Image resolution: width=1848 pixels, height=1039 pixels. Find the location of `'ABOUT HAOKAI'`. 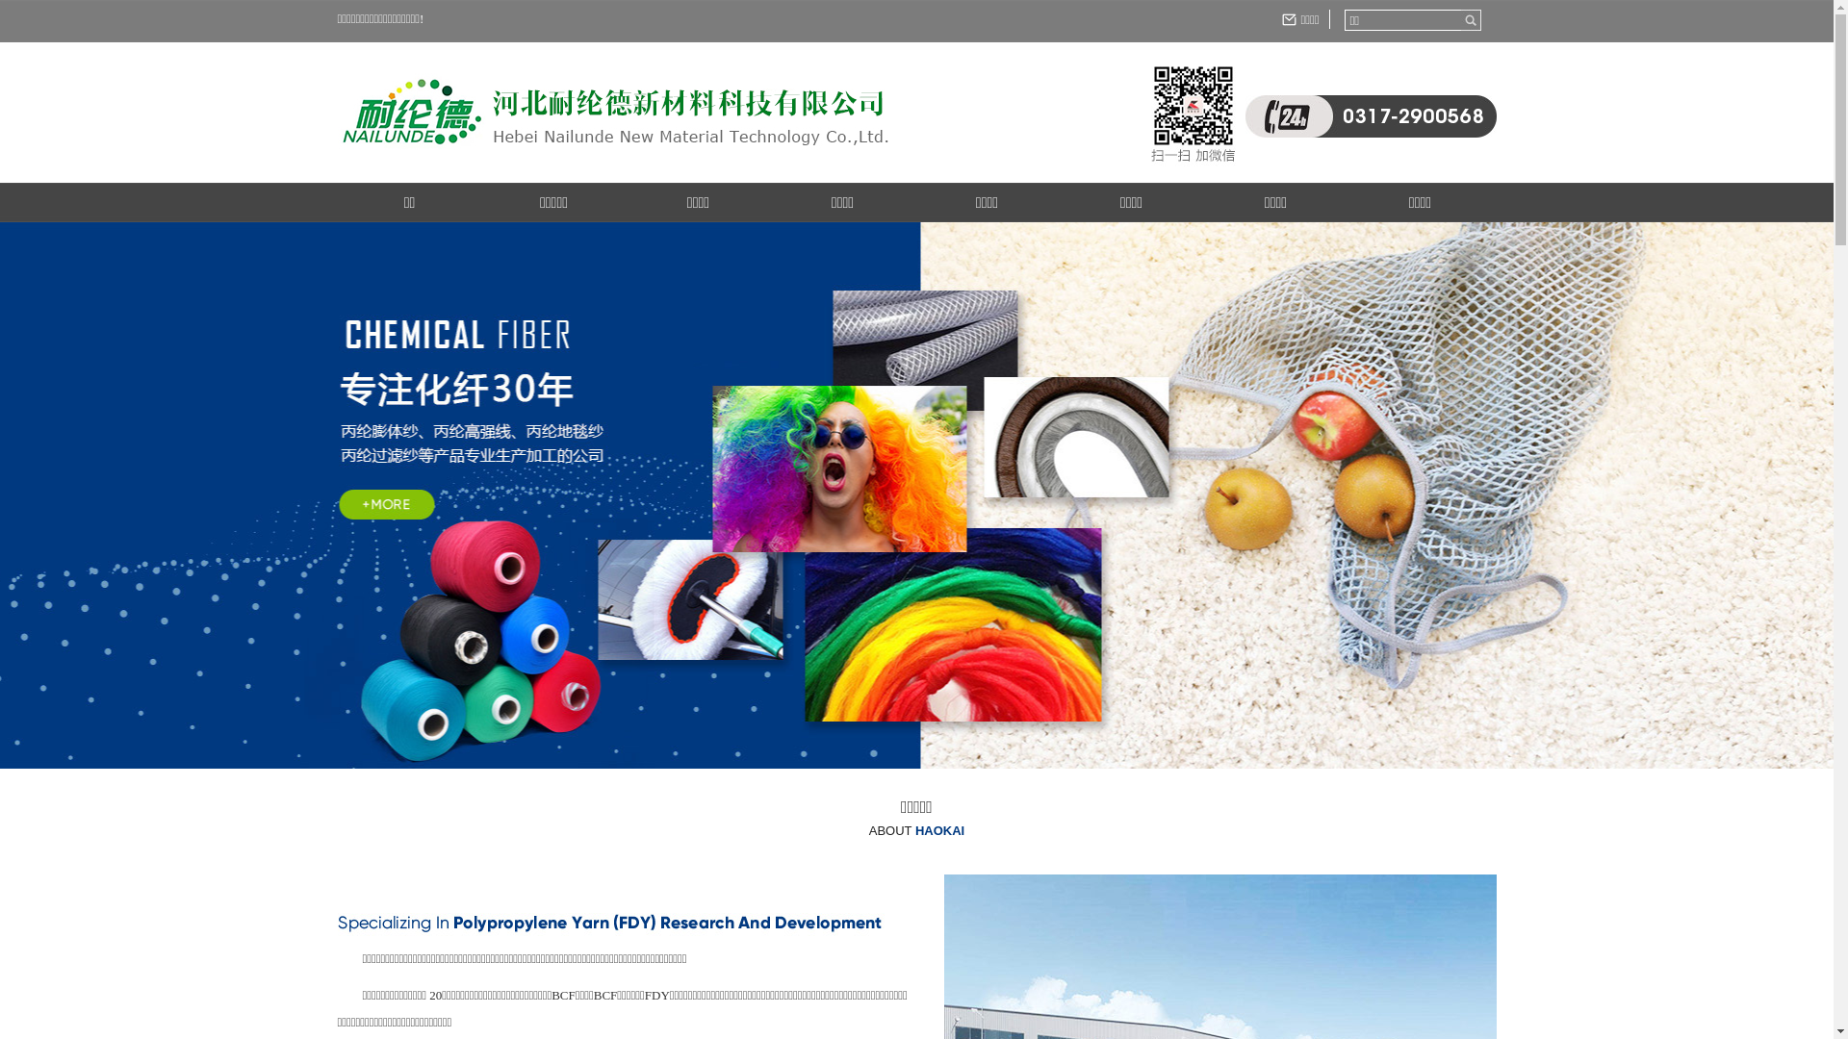

'ABOUT HAOKAI' is located at coordinates (914, 830).